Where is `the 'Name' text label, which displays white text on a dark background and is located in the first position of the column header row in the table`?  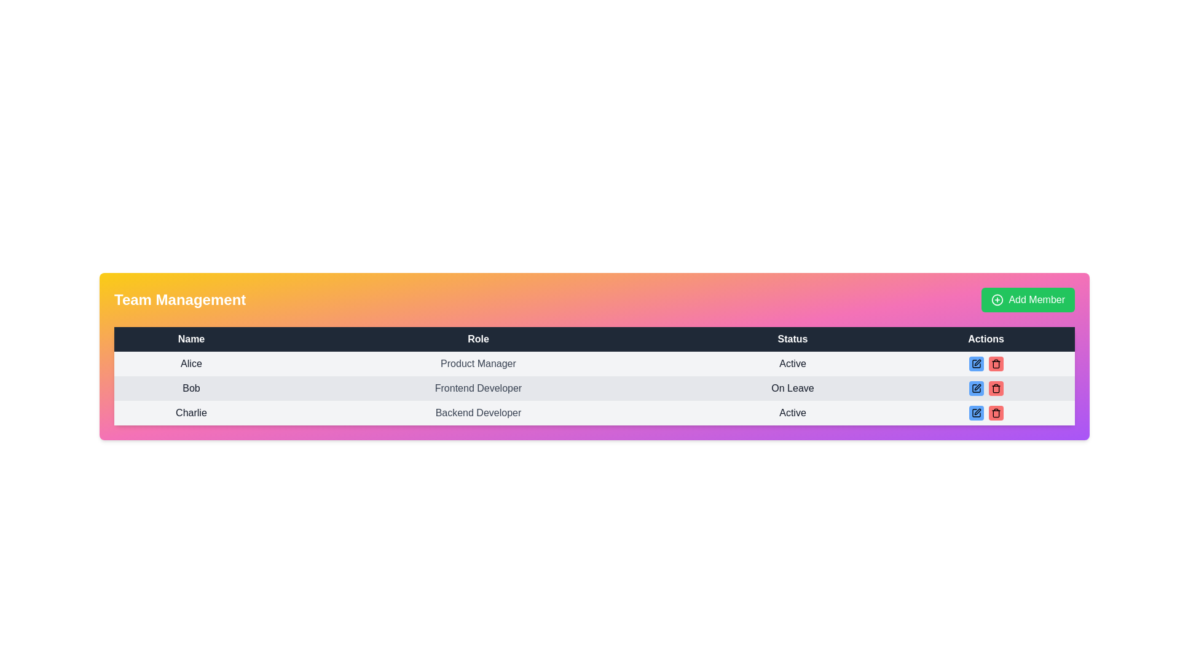 the 'Name' text label, which displays white text on a dark background and is located in the first position of the column header row in the table is located at coordinates (191, 339).